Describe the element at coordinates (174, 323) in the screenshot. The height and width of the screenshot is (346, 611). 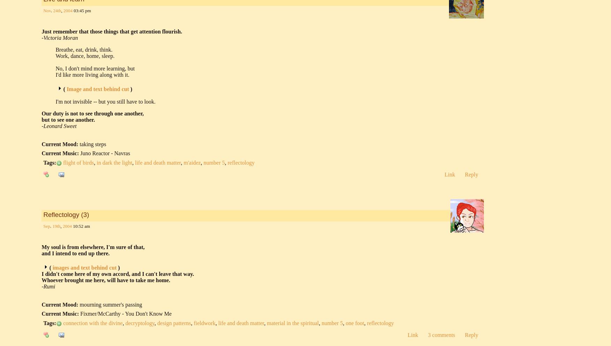
I see `'design patterns'` at that location.